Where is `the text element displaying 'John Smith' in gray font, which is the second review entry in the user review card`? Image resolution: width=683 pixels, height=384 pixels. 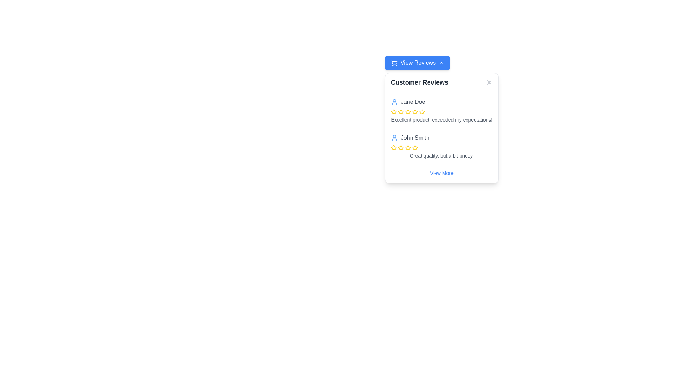 the text element displaying 'John Smith' in gray font, which is the second review entry in the user review card is located at coordinates (415, 138).